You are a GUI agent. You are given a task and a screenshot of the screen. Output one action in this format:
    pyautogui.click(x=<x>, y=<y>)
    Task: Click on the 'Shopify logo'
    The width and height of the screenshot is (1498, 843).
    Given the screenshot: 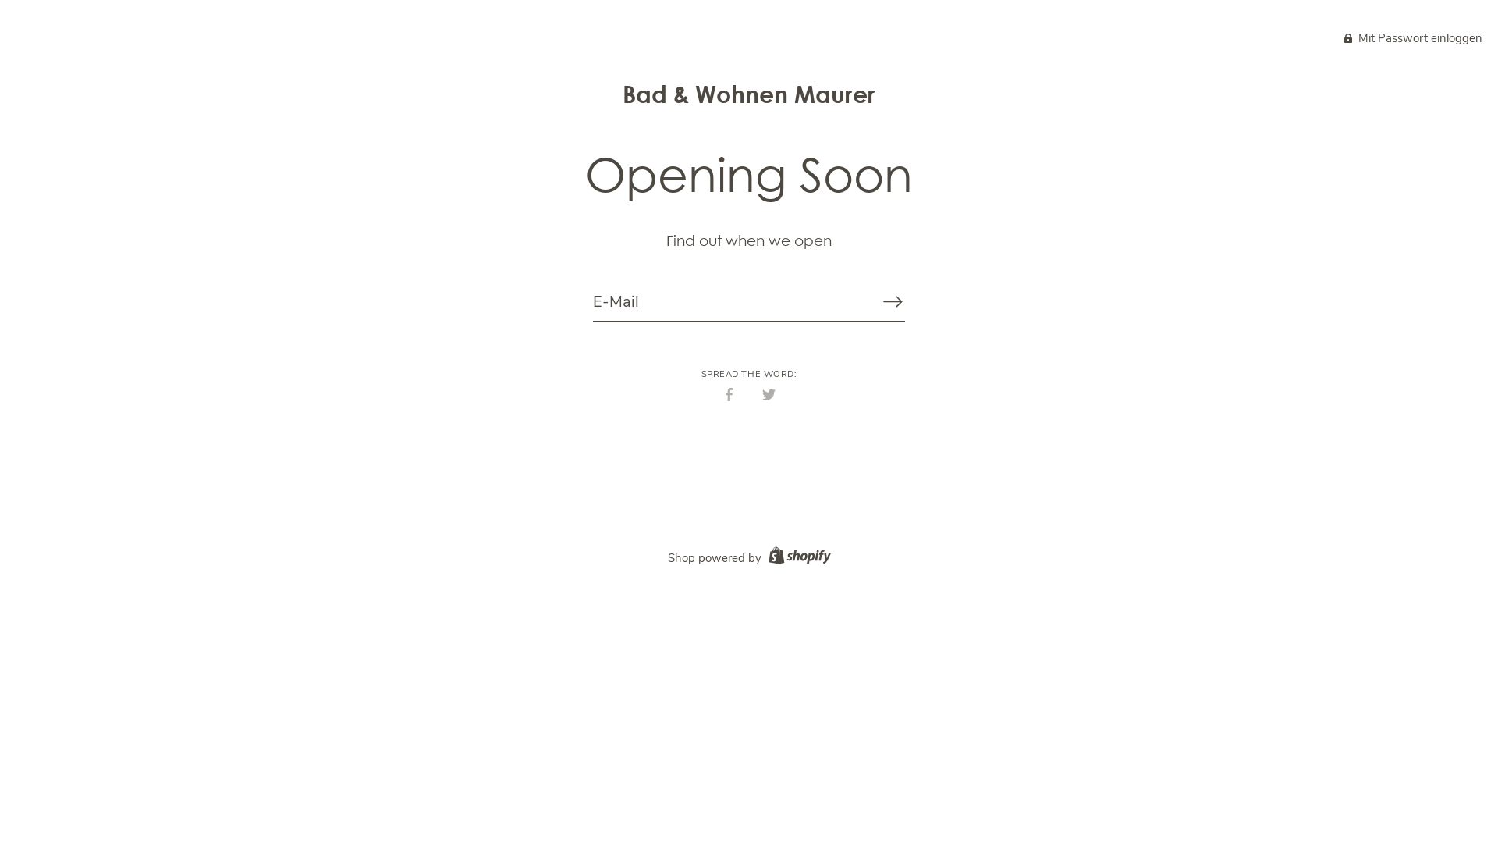 What is the action you would take?
    pyautogui.click(x=764, y=557)
    